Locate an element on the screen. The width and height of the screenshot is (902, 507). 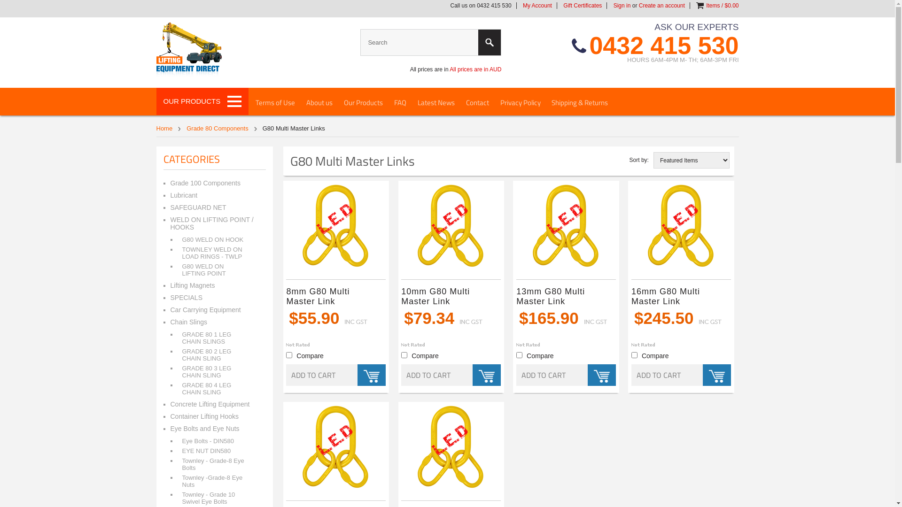
'Privacy Policy' is located at coordinates (520, 102).